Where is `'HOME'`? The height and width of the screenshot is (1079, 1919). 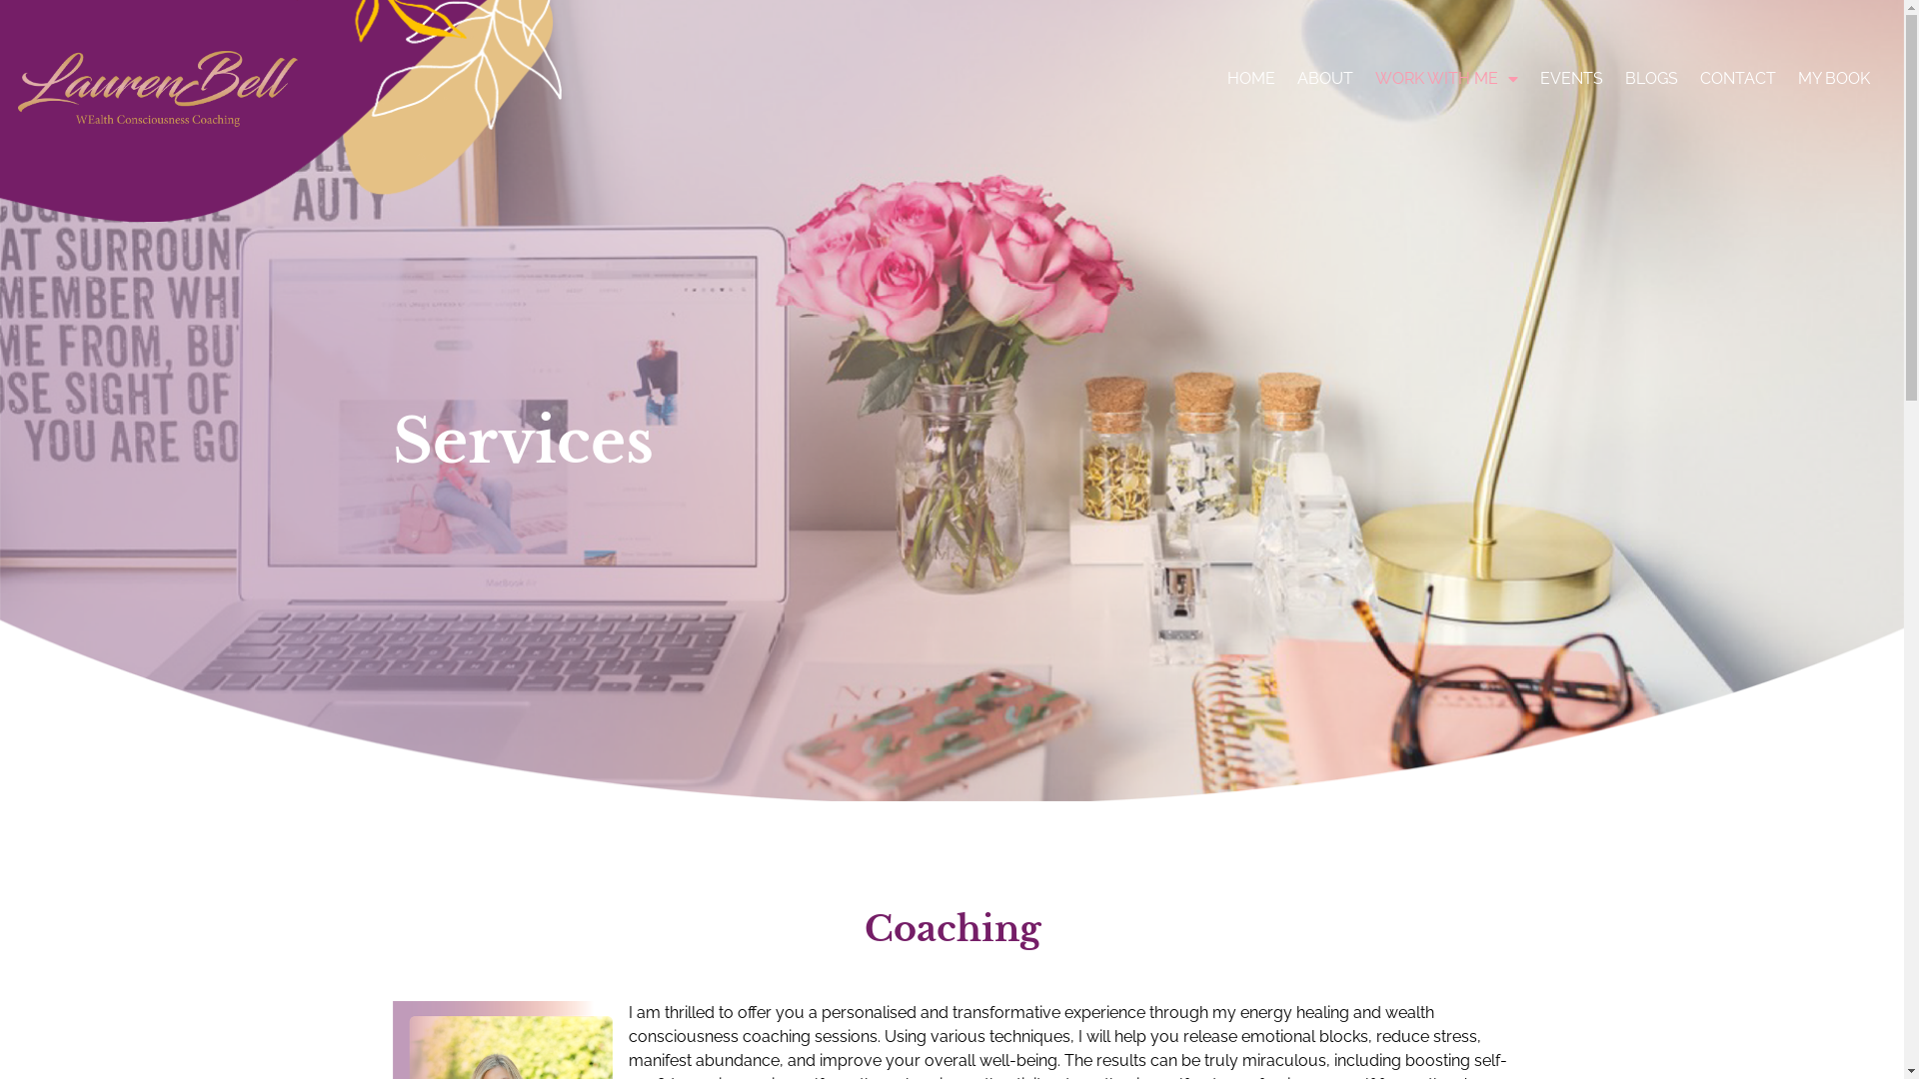 'HOME' is located at coordinates (1250, 77).